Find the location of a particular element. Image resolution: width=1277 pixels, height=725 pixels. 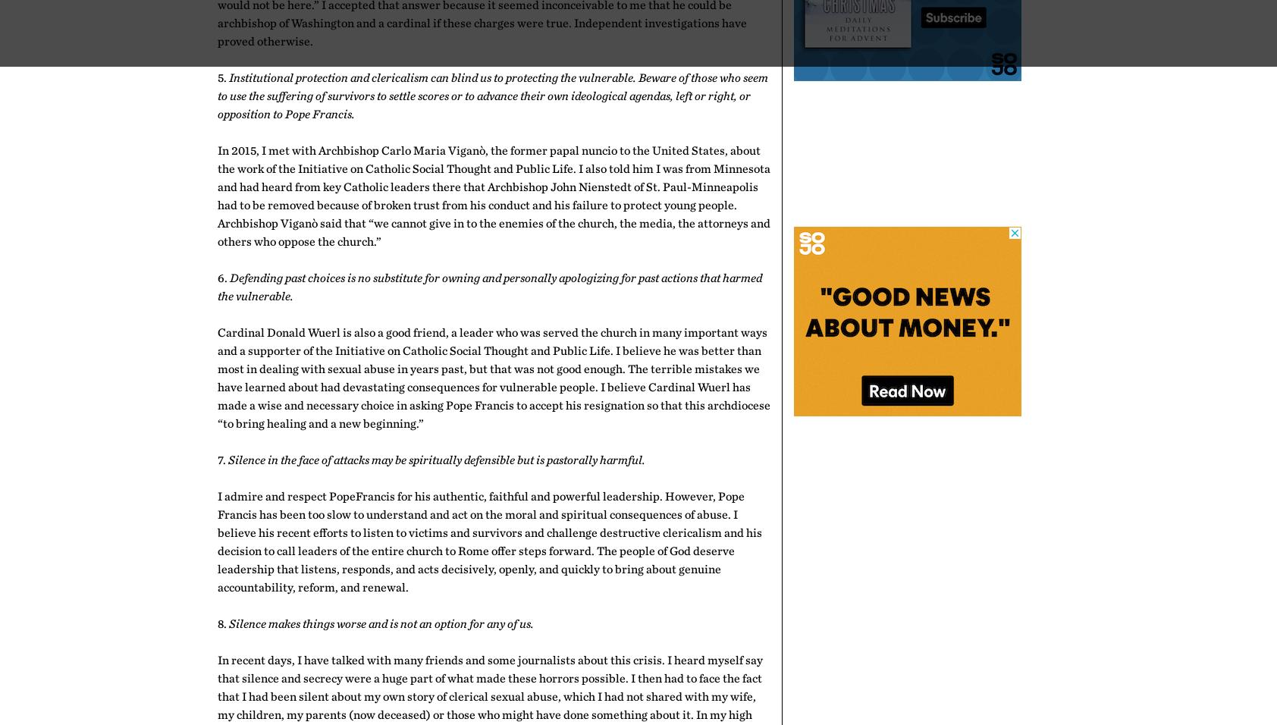

'6.' is located at coordinates (224, 277).